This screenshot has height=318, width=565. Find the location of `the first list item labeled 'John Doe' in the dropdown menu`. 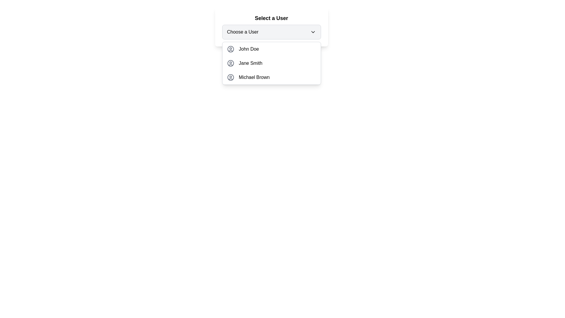

the first list item labeled 'John Doe' in the dropdown menu is located at coordinates (271, 49).